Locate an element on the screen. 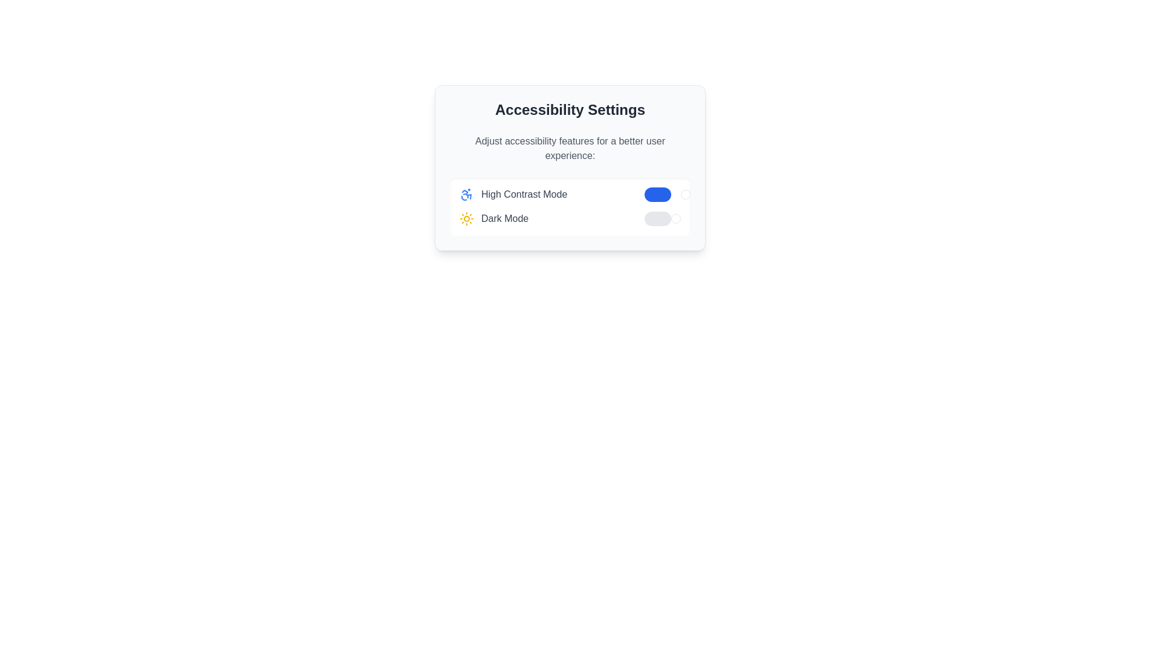 This screenshot has width=1161, height=653. the Decorative Icon representing the sun, which is styled in yellow and located to the left of the 'Dark Mode' label is located at coordinates (466, 219).